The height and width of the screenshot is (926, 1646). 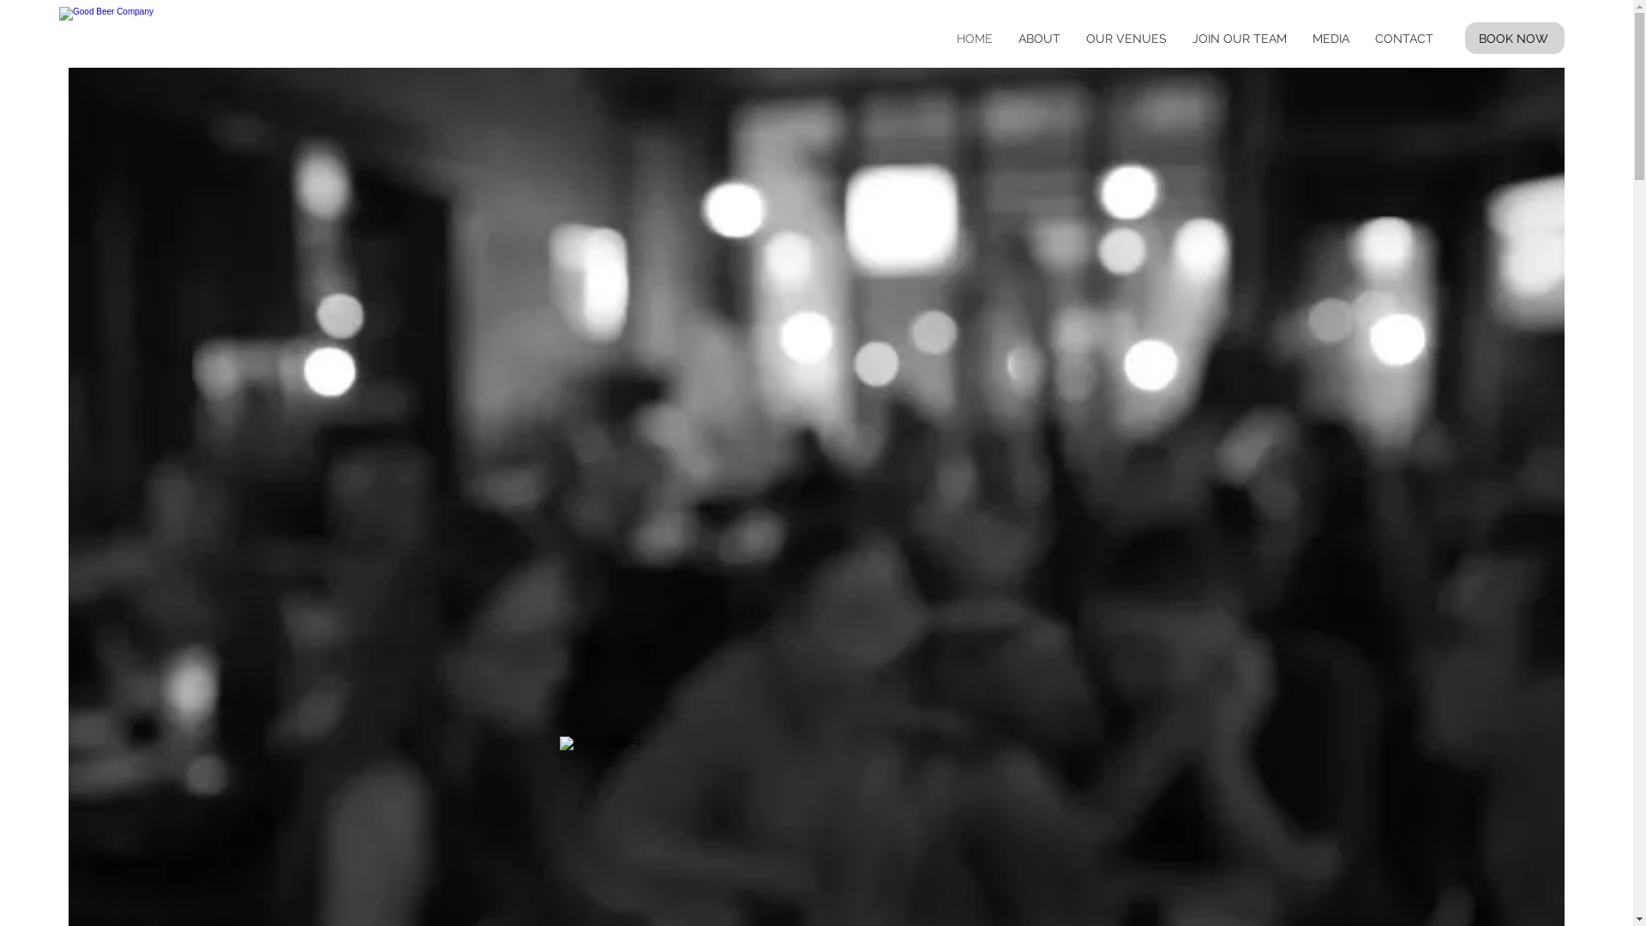 What do you see at coordinates (1239, 39) in the screenshot?
I see `'JOIN OUR TEAM'` at bounding box center [1239, 39].